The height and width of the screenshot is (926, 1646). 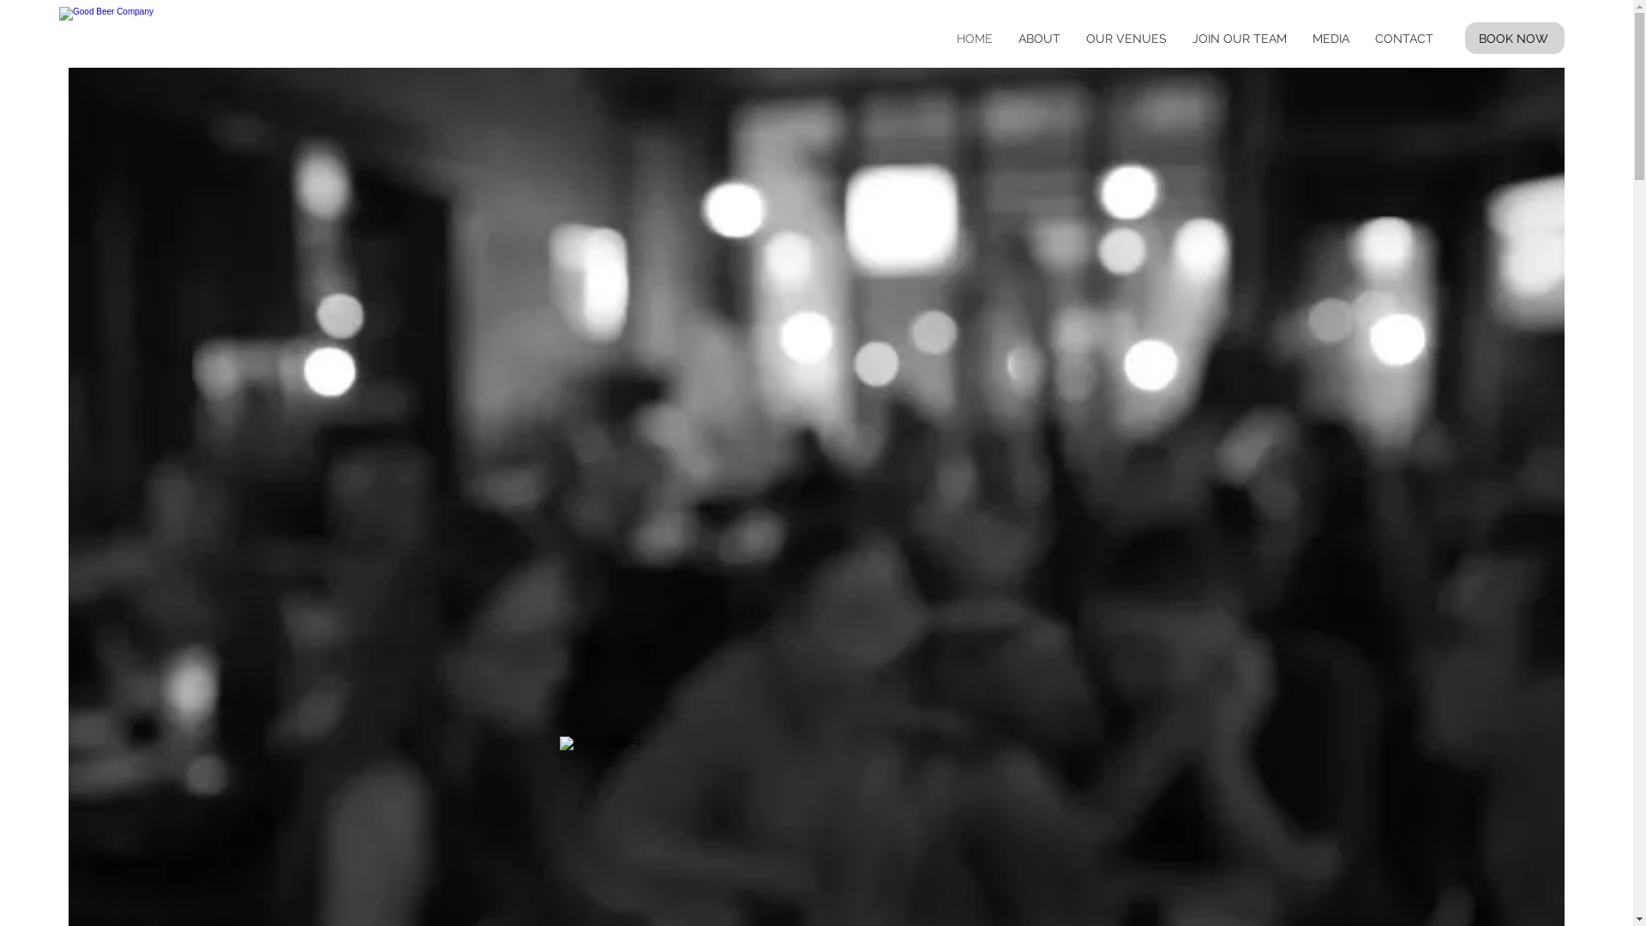 What do you see at coordinates (1239, 39) in the screenshot?
I see `'JOIN OUR TEAM'` at bounding box center [1239, 39].